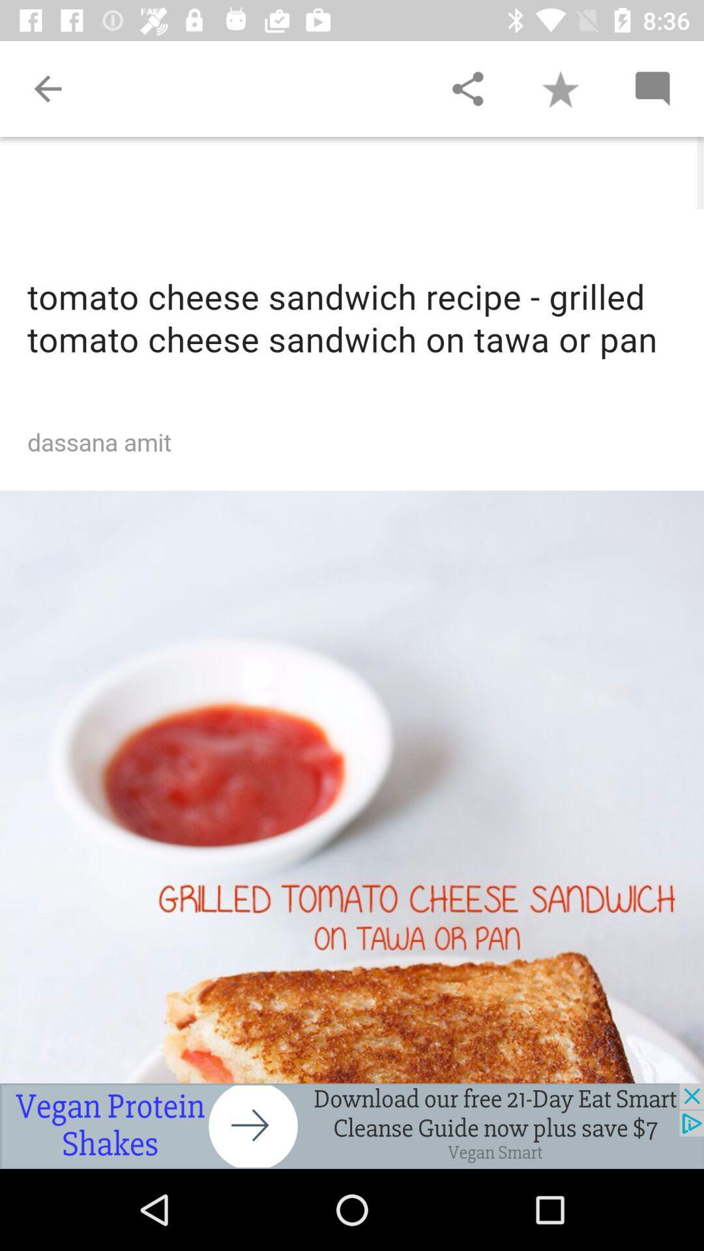 This screenshot has width=704, height=1251. Describe the element at coordinates (652, 88) in the screenshot. I see `open chat` at that location.